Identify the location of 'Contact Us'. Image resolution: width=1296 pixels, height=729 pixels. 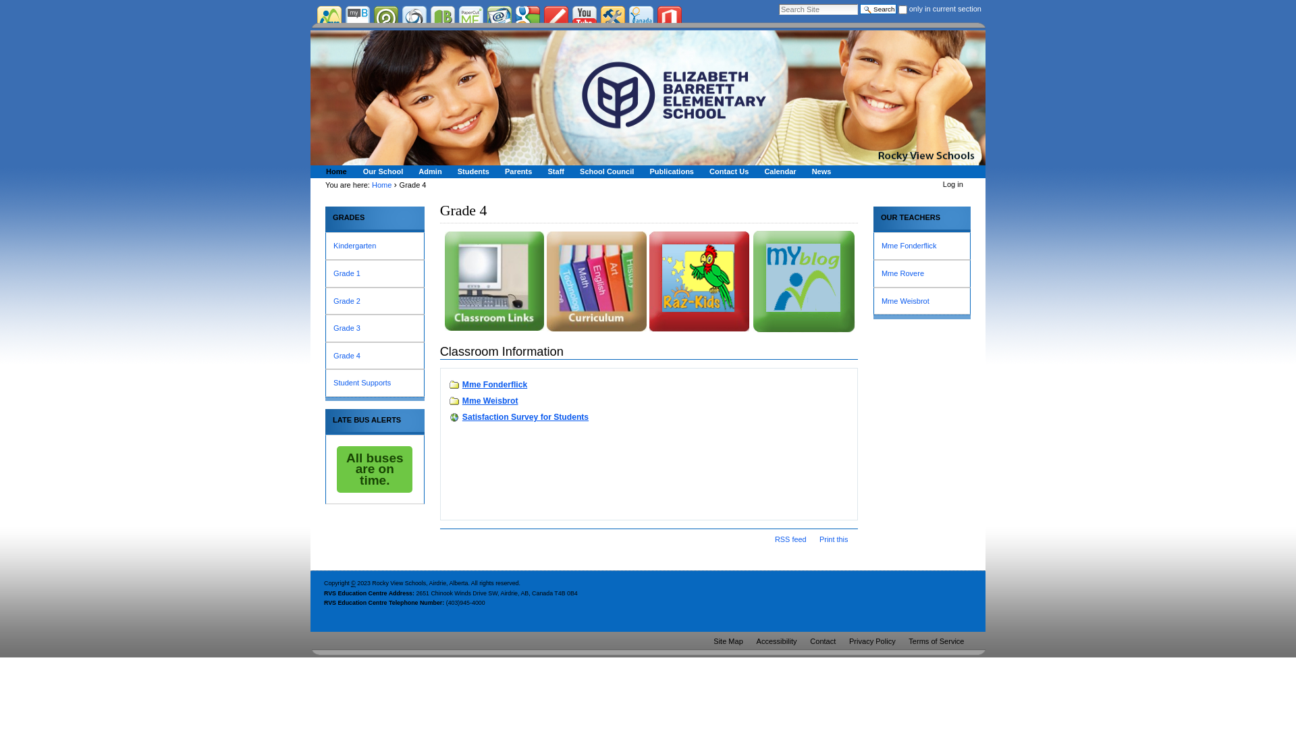
(726, 171).